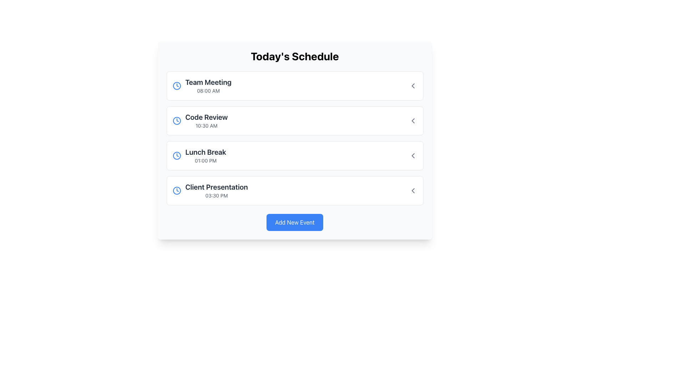  What do you see at coordinates (208, 85) in the screenshot?
I see `event title 'Team Meeting' and time '08:00 AM' displayed in the text area of the event card, which is located in the first row of the vertical list of event cards` at bounding box center [208, 85].